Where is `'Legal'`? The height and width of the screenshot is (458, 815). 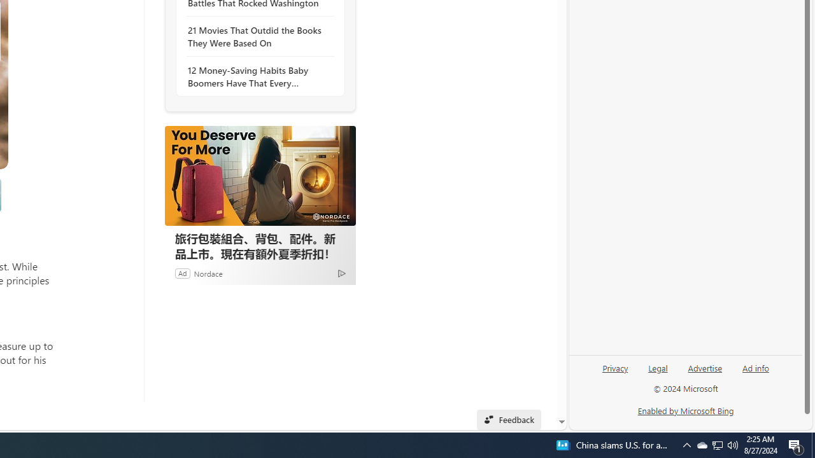
'Legal' is located at coordinates (658, 367).